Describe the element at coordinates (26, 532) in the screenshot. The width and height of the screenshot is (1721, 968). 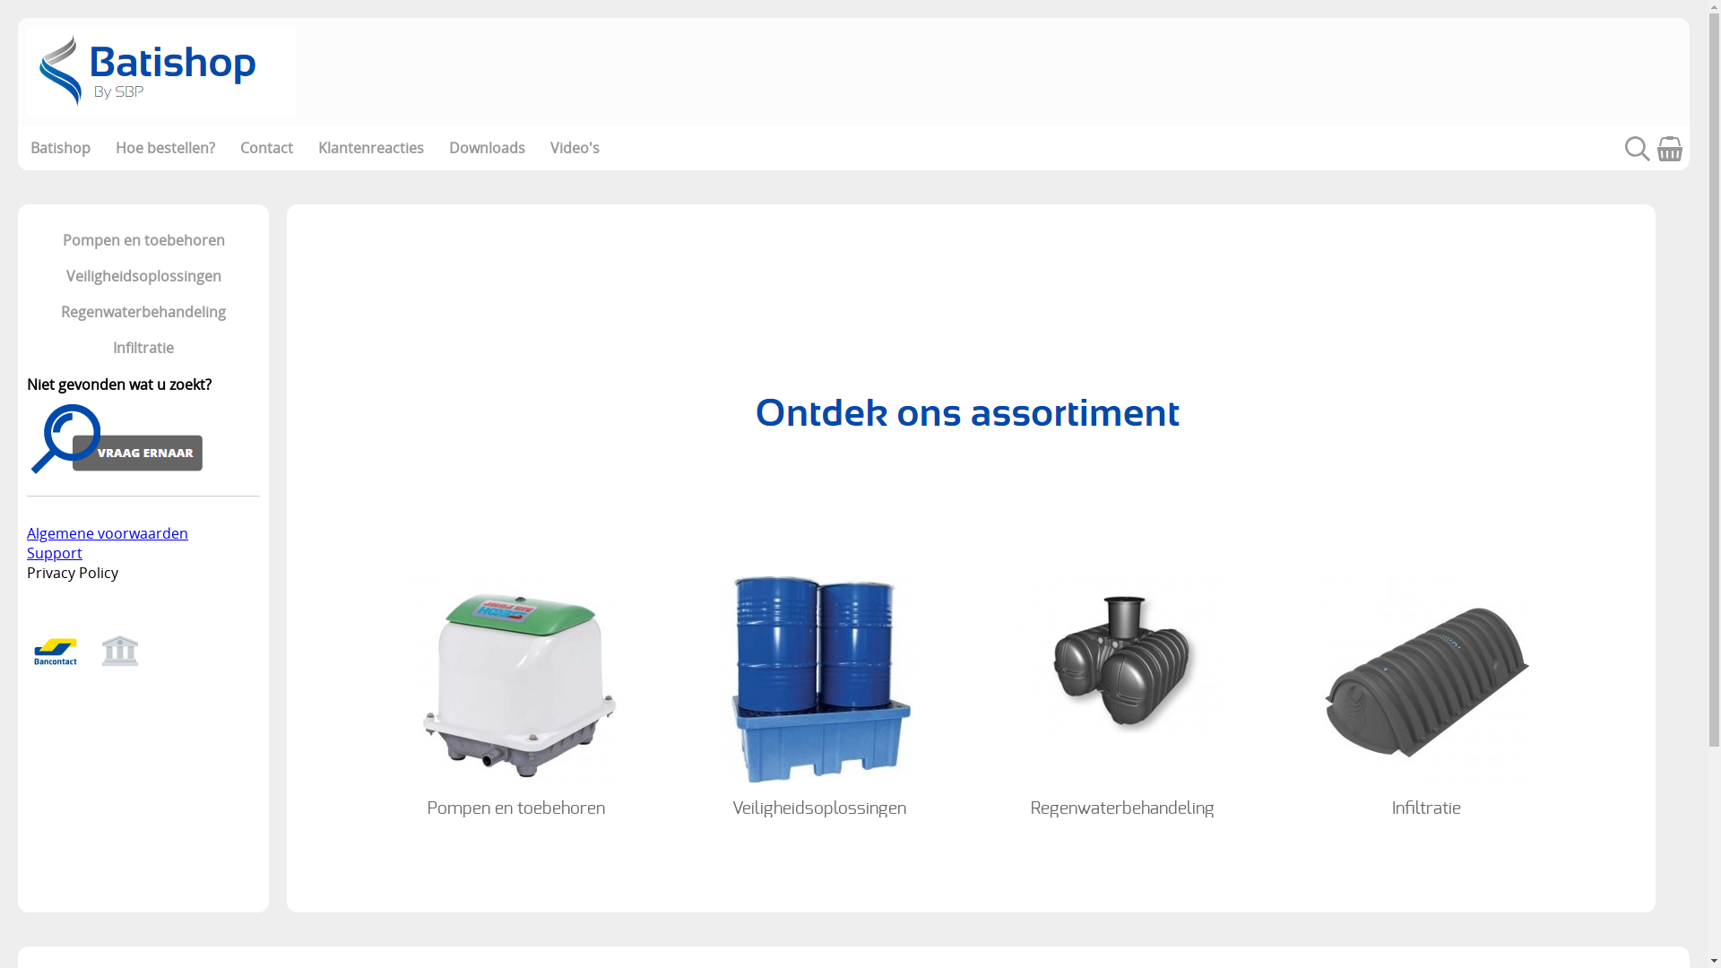
I see `'Algemene voorwaarden'` at that location.